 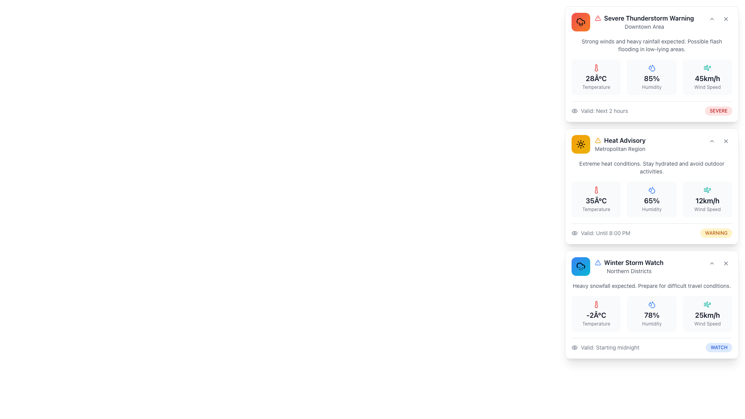 What do you see at coordinates (707, 67) in the screenshot?
I see `the teal vector graphic icon resembling wind currents located above the '45km/h Wind Speed' label in the 'Wind Speed' section of the 'Severe Thunderstorm Warning' card` at bounding box center [707, 67].